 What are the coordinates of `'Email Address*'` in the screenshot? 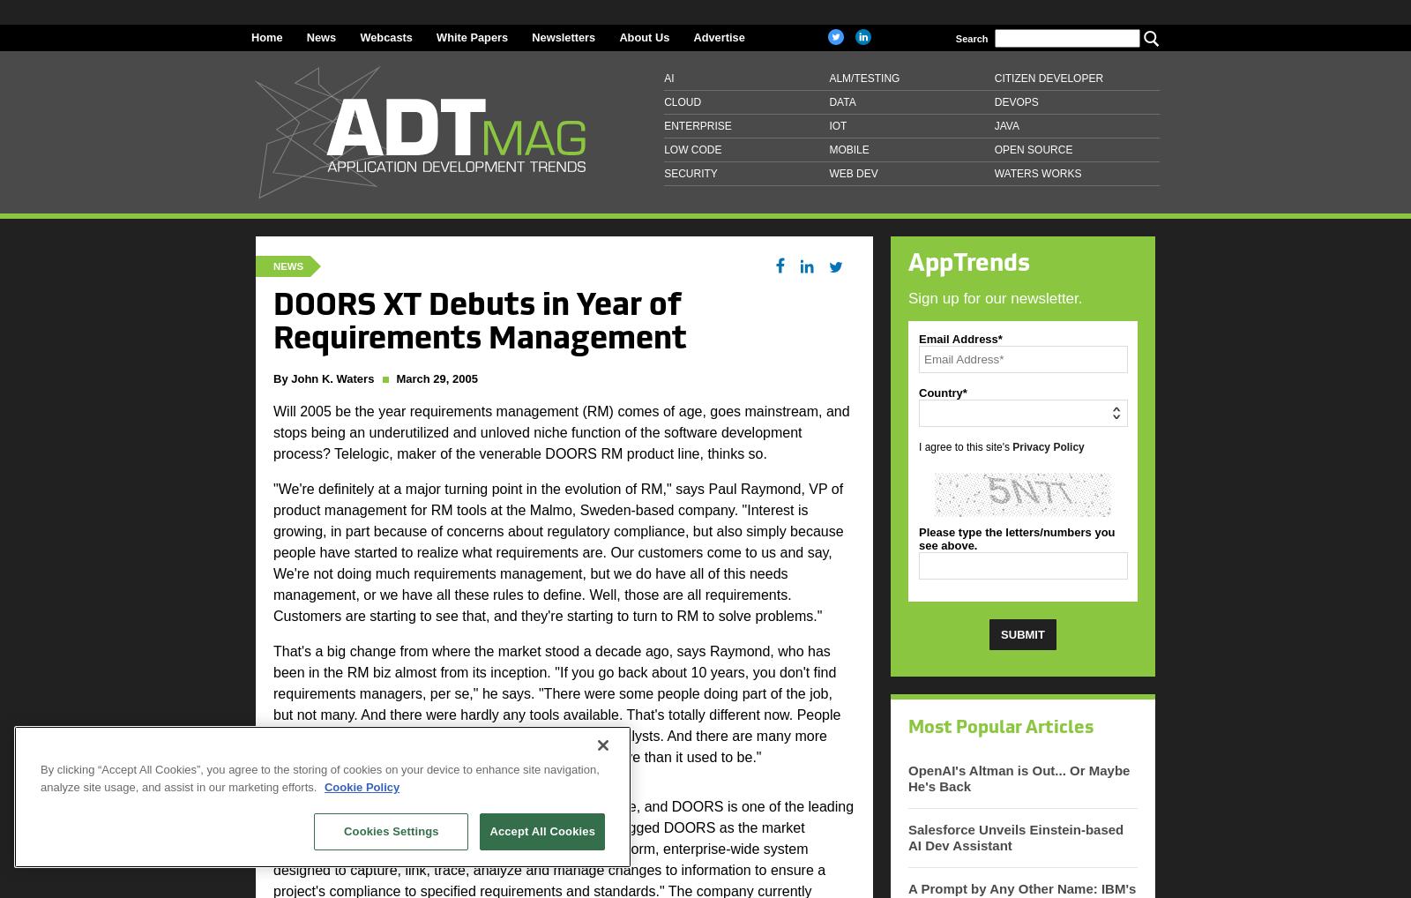 It's located at (959, 338).